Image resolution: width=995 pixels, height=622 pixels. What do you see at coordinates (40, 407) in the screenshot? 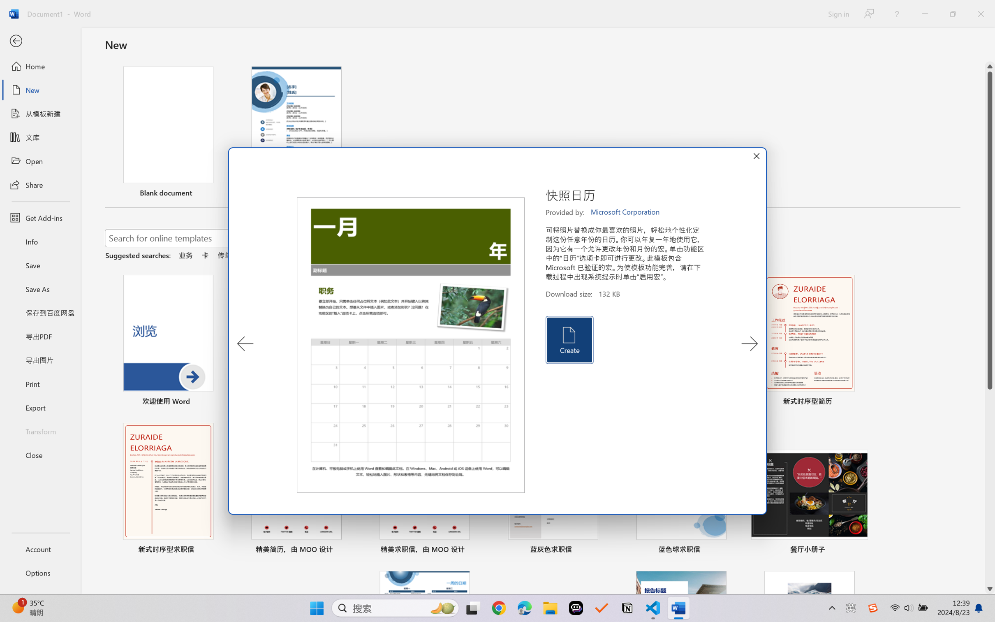
I see `'Export'` at bounding box center [40, 407].